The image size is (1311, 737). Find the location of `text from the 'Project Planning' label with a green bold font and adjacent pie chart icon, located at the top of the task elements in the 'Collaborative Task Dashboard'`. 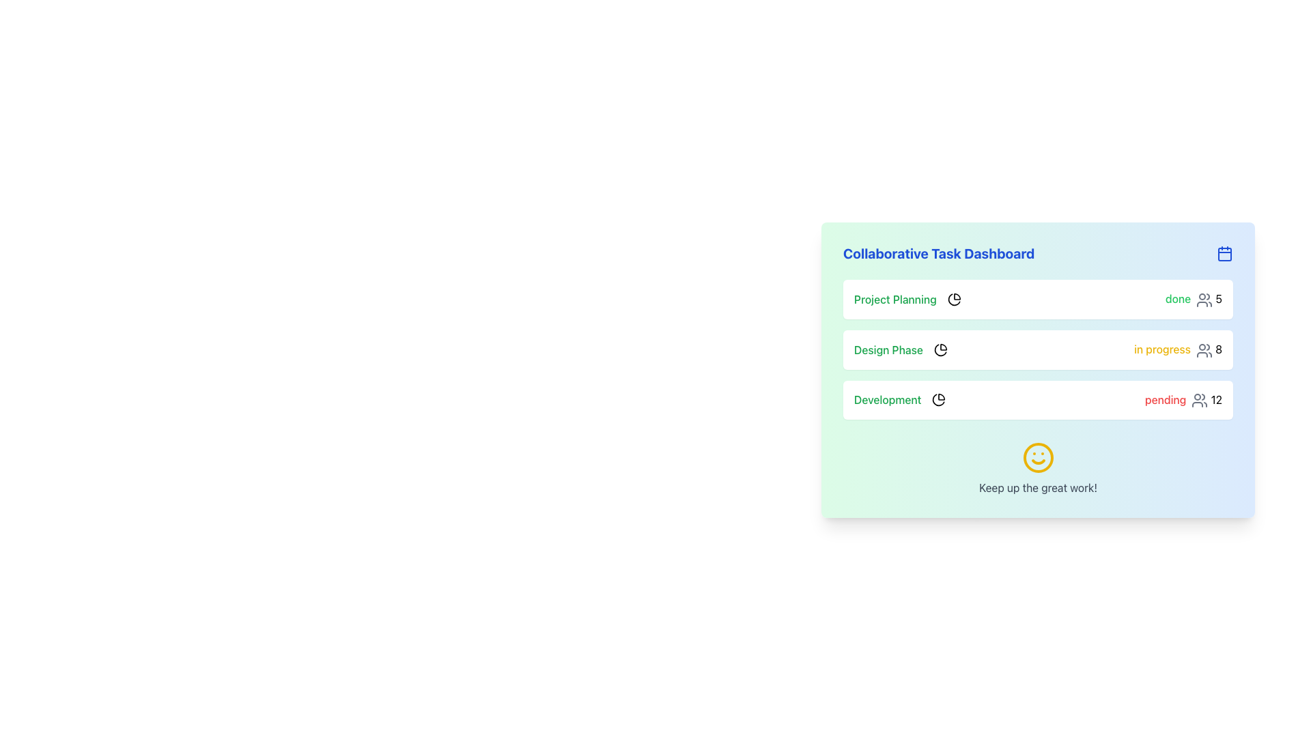

text from the 'Project Planning' label with a green bold font and adjacent pie chart icon, located at the top of the task elements in the 'Collaborative Task Dashboard' is located at coordinates (907, 298).